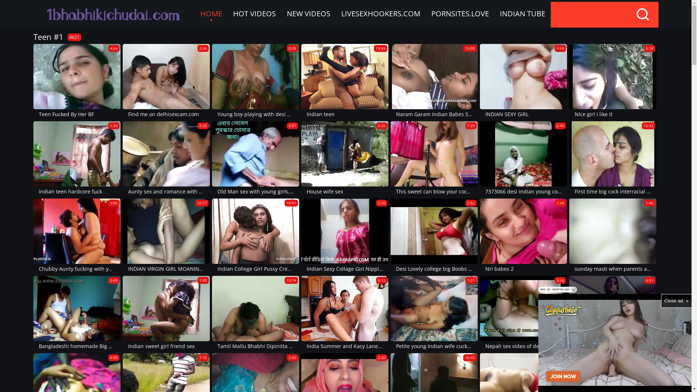 This screenshot has height=392, width=697. Describe the element at coordinates (434, 81) in the screenshot. I see `'13:08` at that location.